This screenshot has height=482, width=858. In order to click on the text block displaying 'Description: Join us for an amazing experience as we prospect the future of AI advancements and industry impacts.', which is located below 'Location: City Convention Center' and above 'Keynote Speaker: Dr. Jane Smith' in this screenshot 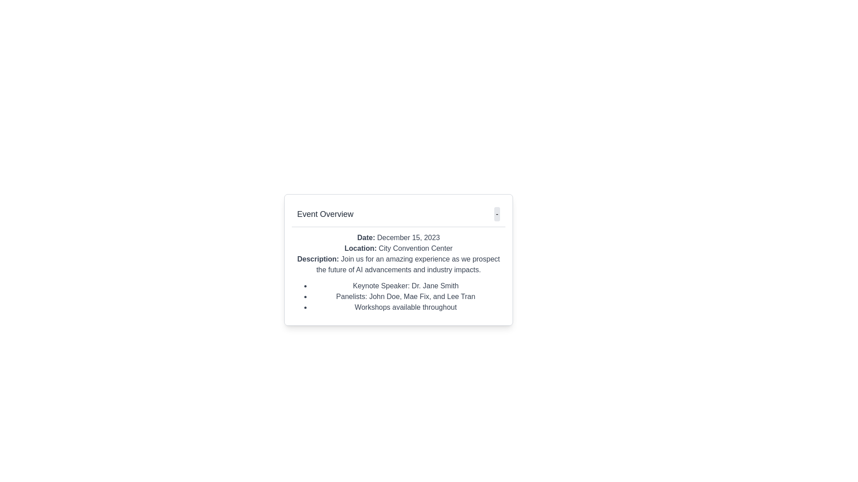, I will do `click(398, 264)`.